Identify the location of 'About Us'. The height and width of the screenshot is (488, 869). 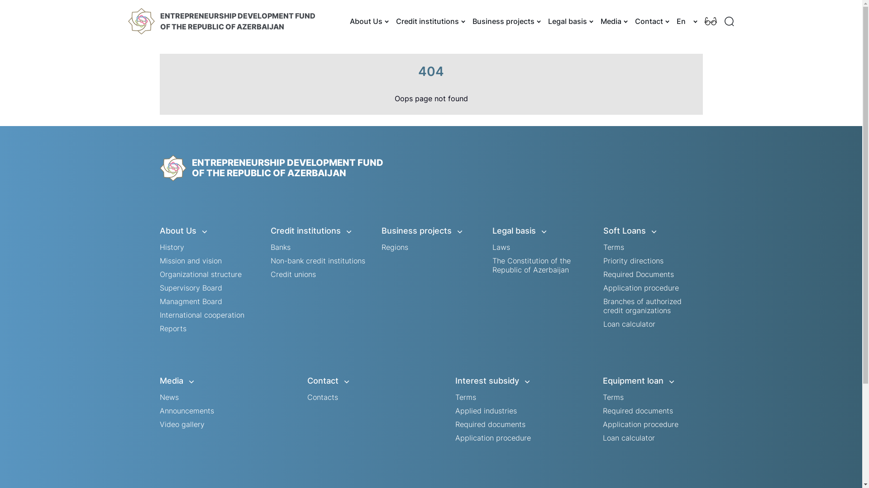
(368, 20).